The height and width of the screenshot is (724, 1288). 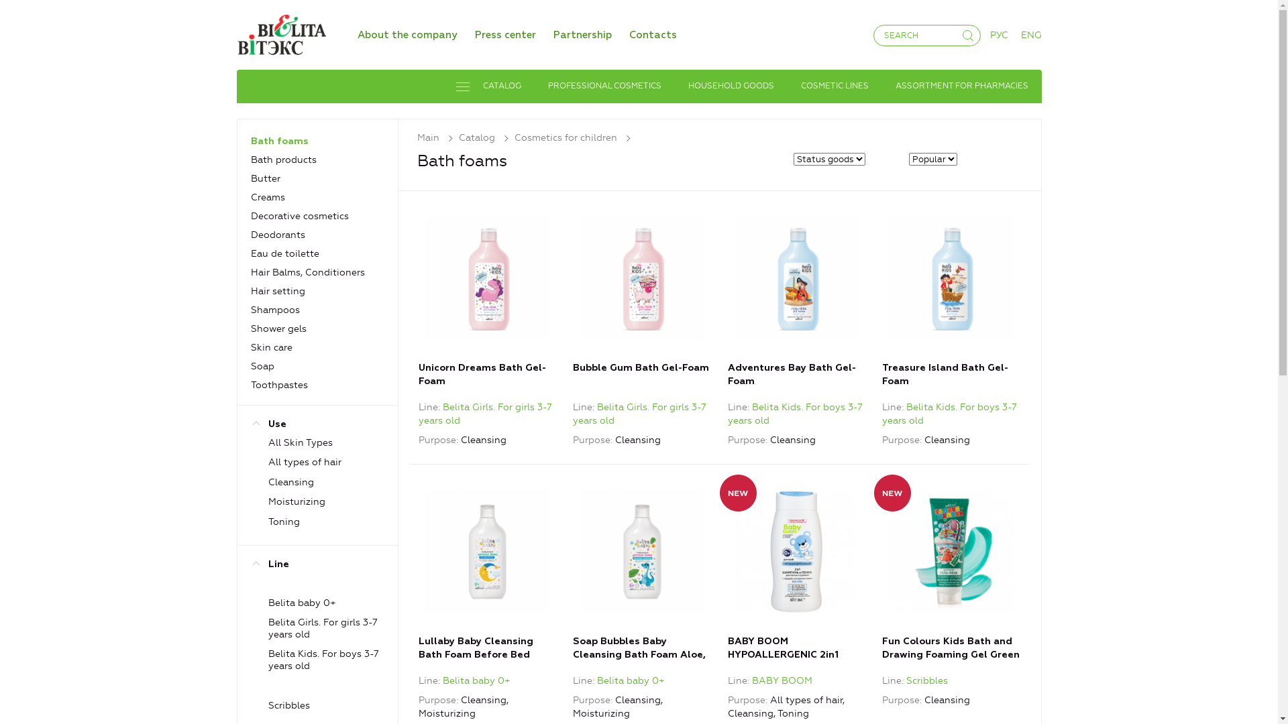 What do you see at coordinates (1030, 34) in the screenshot?
I see `'ENG'` at bounding box center [1030, 34].